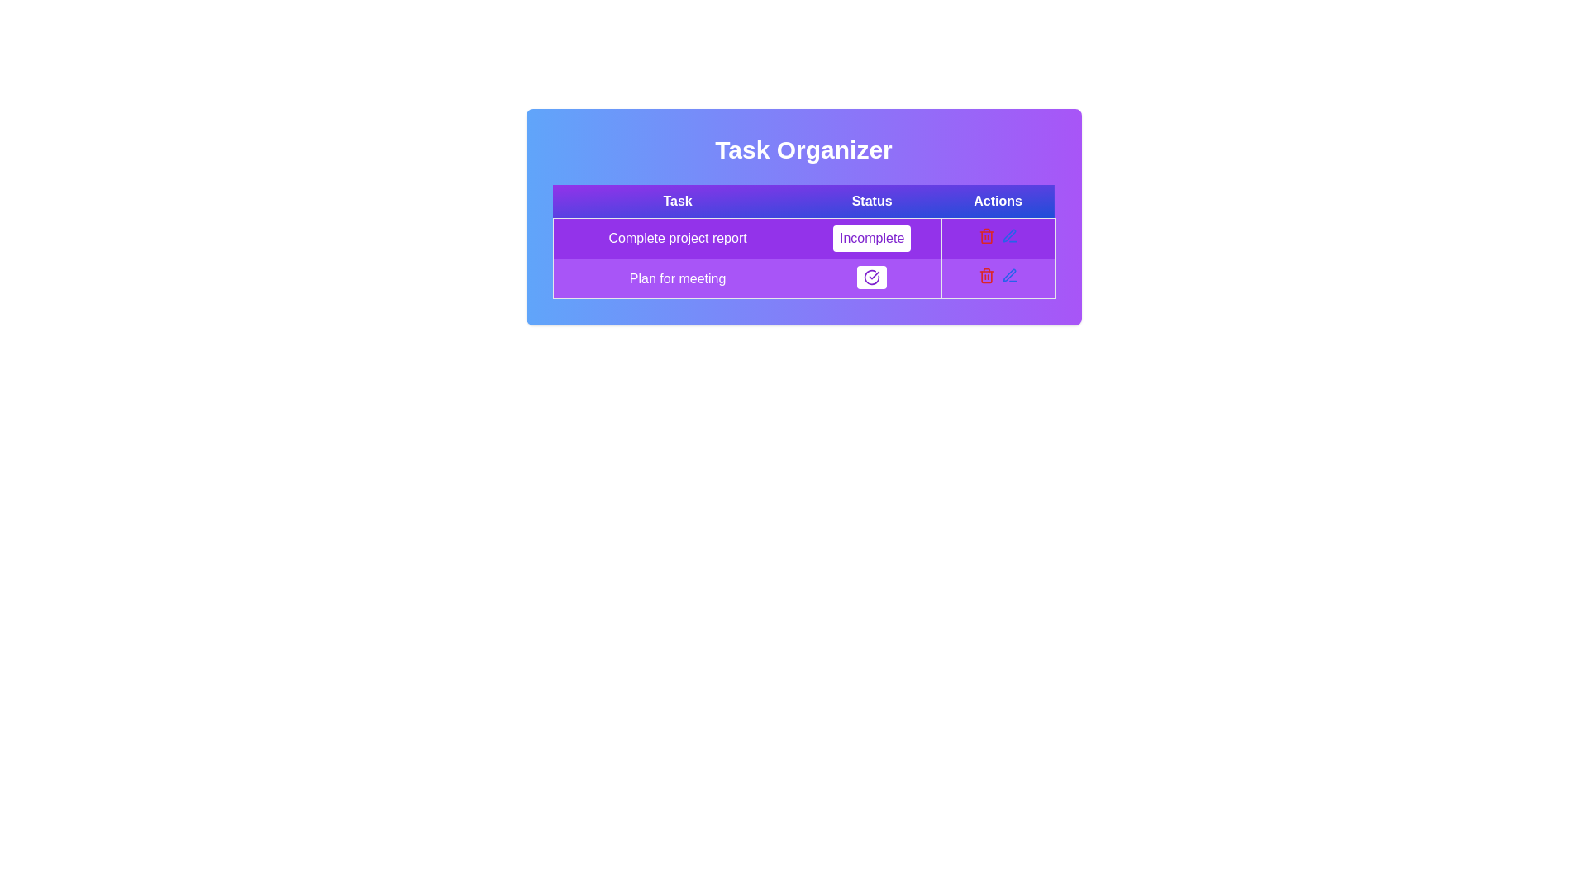 The image size is (1587, 892). Describe the element at coordinates (986, 276) in the screenshot. I see `the trash bin icon in the Actions column of the second row` at that location.